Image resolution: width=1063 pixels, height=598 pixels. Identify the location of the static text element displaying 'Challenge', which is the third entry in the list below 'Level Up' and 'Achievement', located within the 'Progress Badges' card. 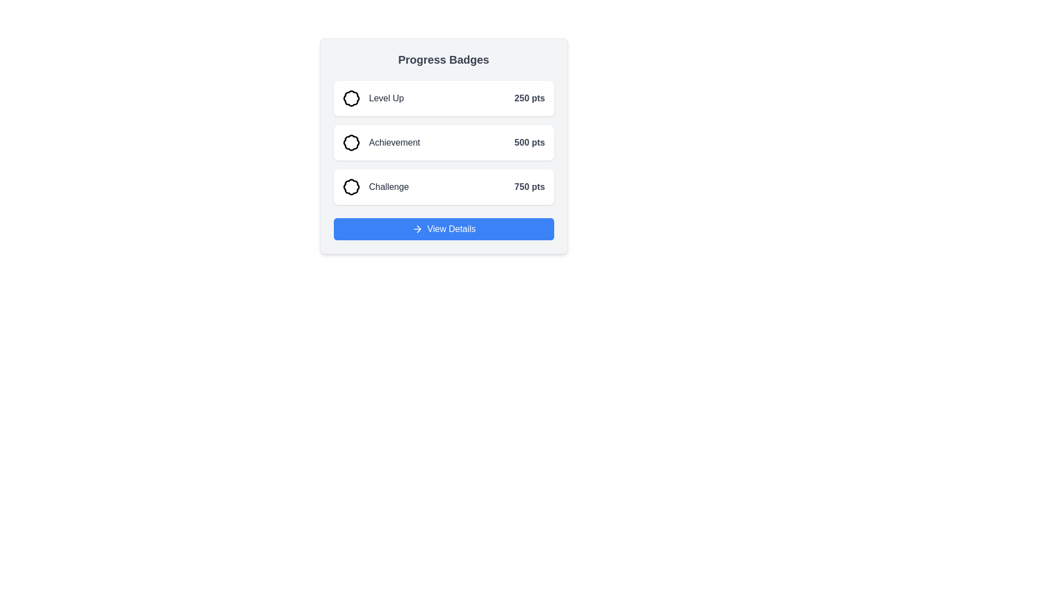
(389, 187).